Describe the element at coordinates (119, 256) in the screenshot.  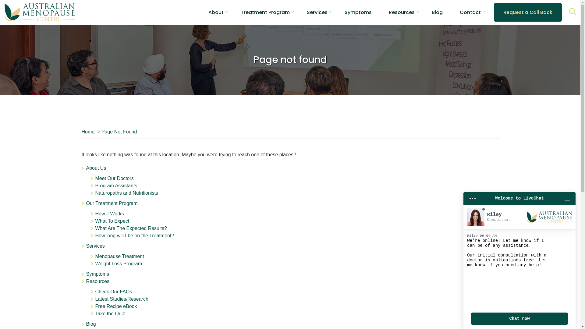
I see `'Menopause Treatment'` at that location.